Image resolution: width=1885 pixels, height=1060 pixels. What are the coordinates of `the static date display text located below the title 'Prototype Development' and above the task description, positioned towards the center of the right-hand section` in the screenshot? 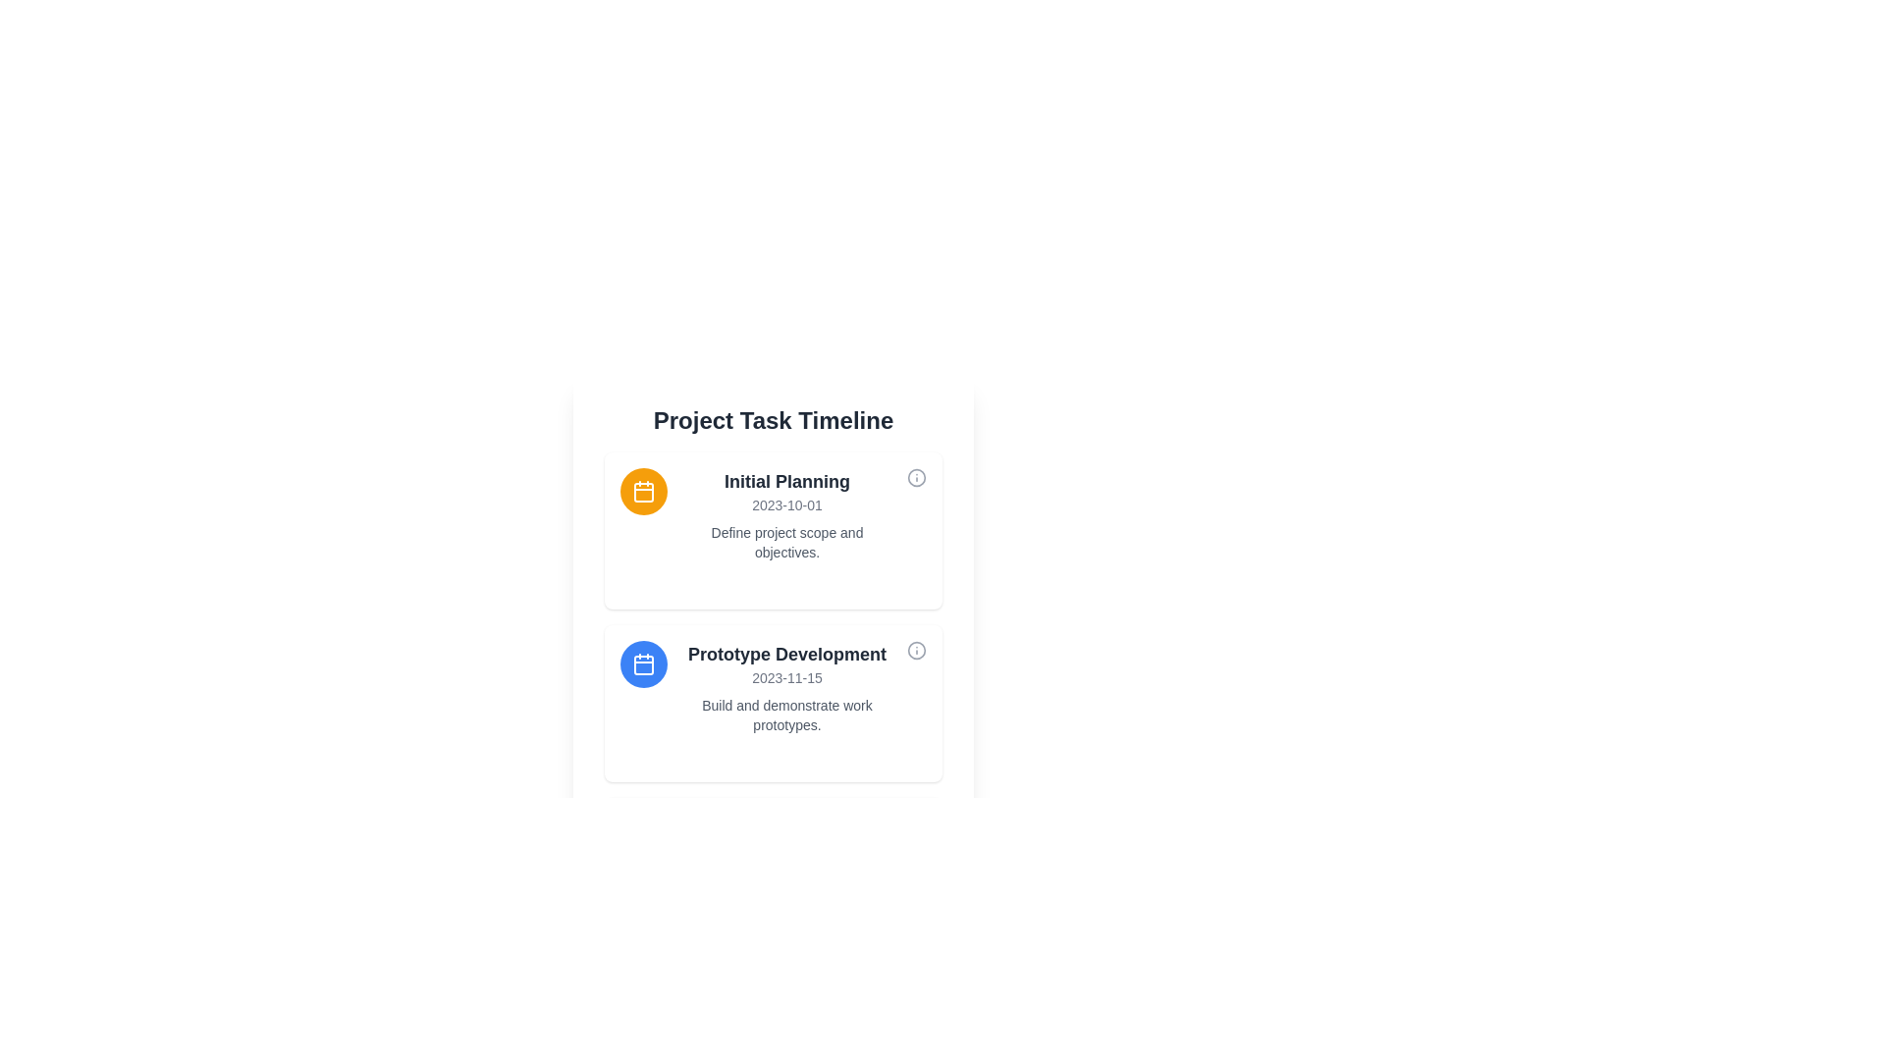 It's located at (786, 676).